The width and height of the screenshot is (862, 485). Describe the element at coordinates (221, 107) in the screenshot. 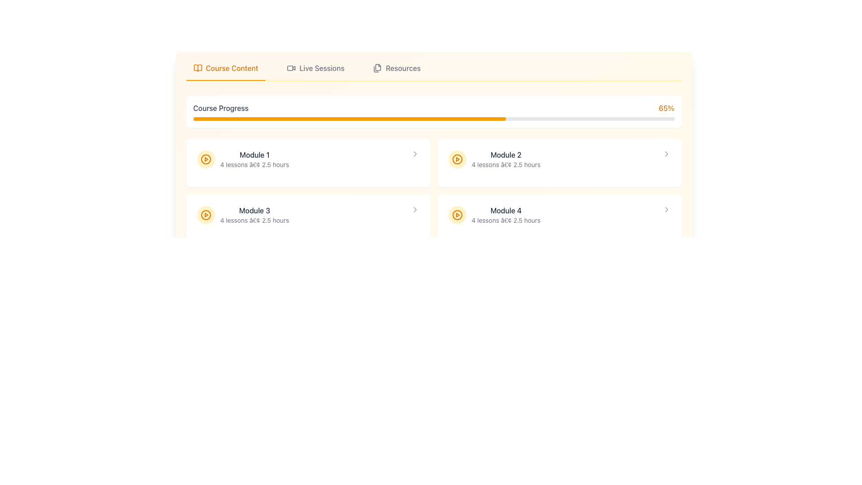

I see `the 'Course Progress' text label, which is a medium-weight gray font positioned to the left of a progress bar and a percentage display` at that location.